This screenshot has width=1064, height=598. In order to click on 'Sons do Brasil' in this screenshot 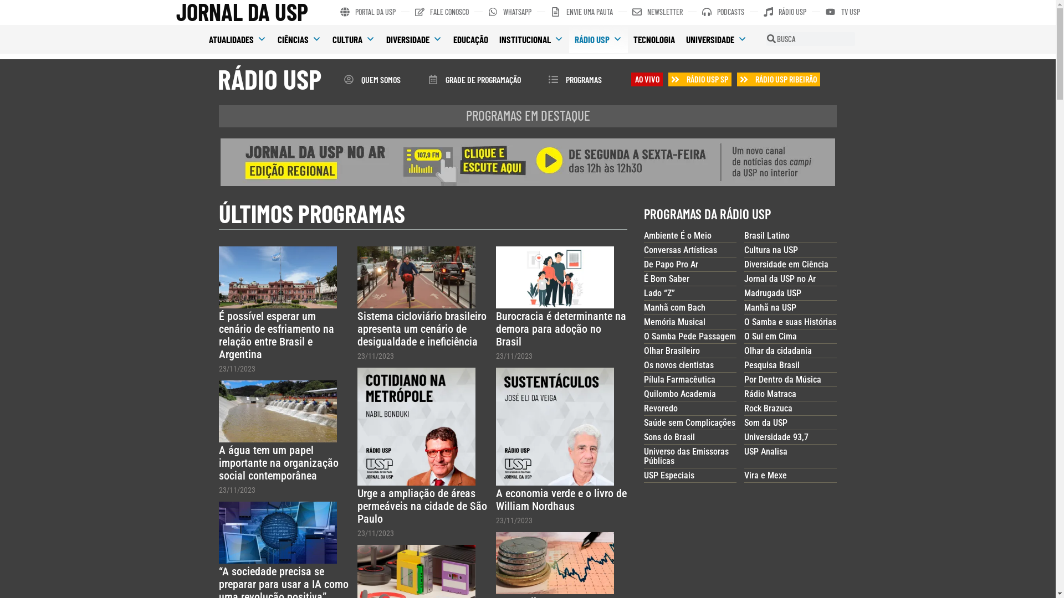, I will do `click(669, 436)`.